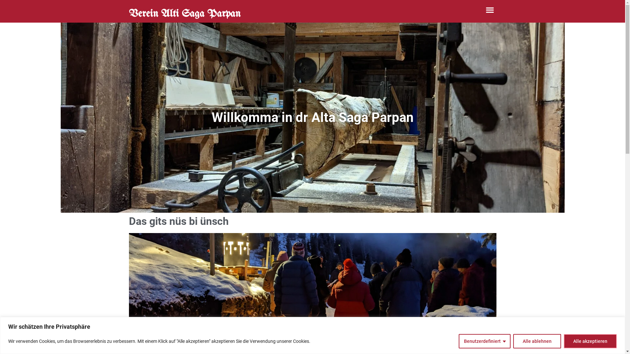  Describe the element at coordinates (485, 341) in the screenshot. I see `'Benutzerdefiniert'` at that location.